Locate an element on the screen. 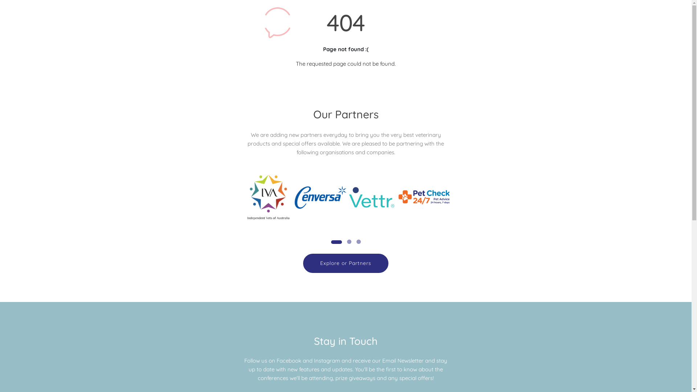 The width and height of the screenshot is (697, 392). 'Explore or Partners' is located at coordinates (345, 263).